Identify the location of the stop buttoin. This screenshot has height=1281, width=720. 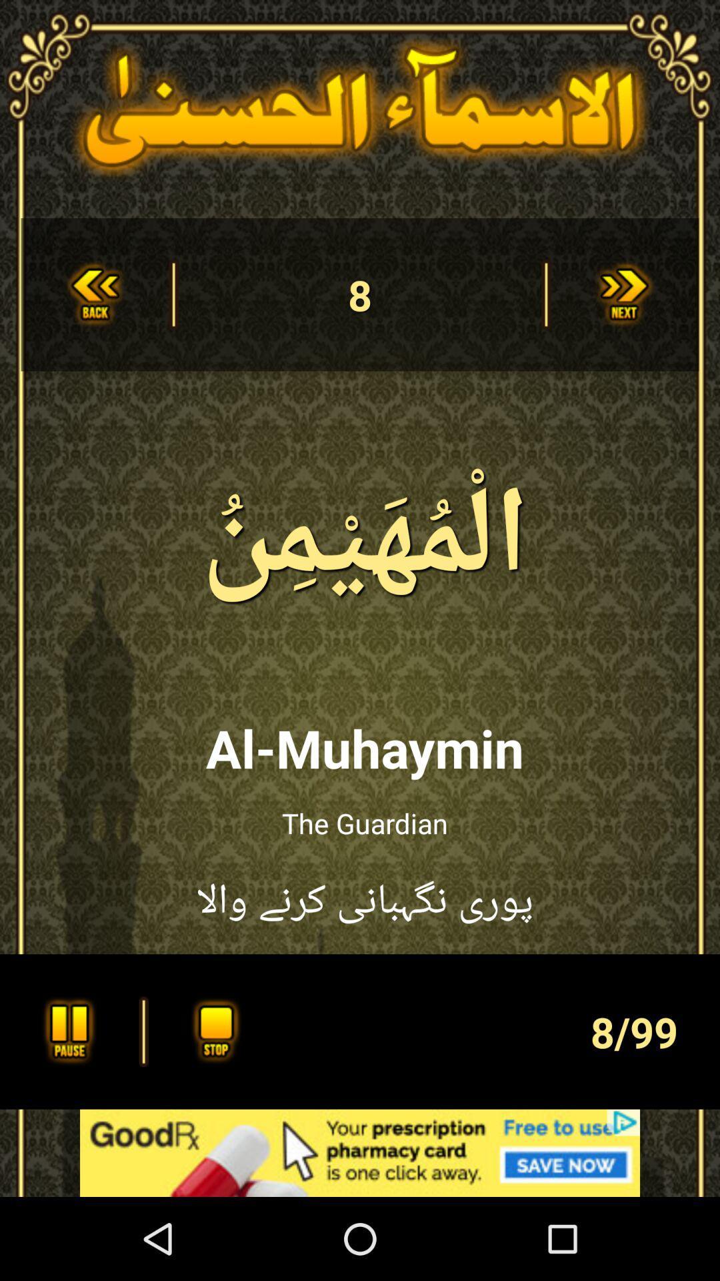
(212, 1031).